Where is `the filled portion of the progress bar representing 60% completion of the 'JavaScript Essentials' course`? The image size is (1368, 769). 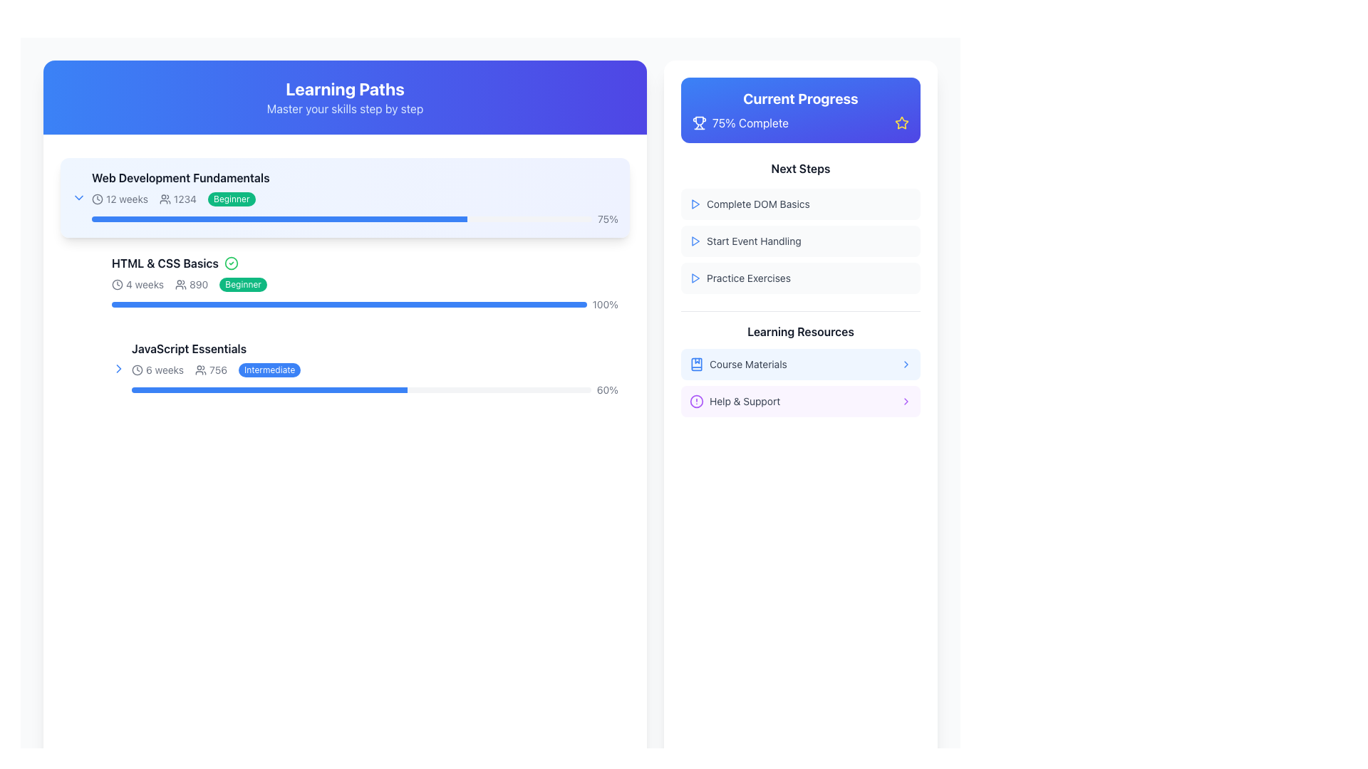 the filled portion of the progress bar representing 60% completion of the 'JavaScript Essentials' course is located at coordinates (269, 389).